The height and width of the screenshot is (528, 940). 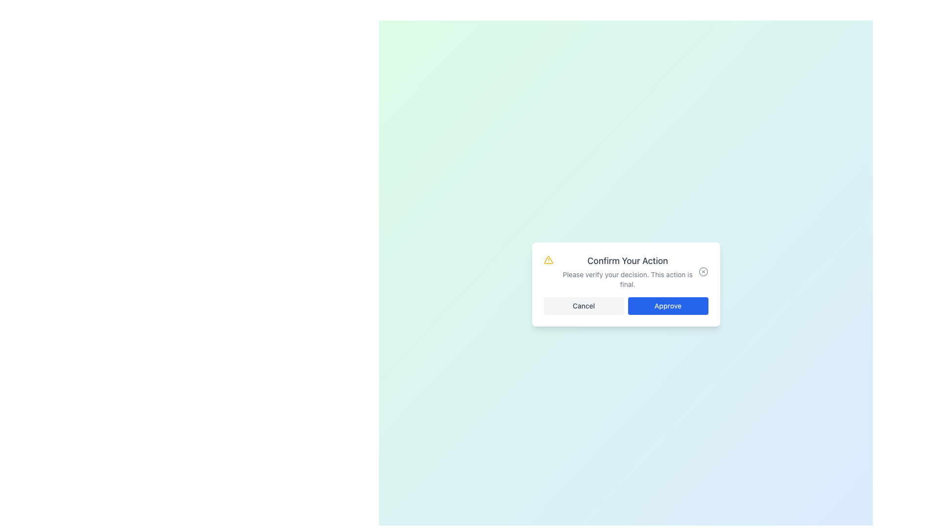 I want to click on the close button icon, which is a circular icon with a gray outline and an 'X' inside, so click(x=703, y=271).